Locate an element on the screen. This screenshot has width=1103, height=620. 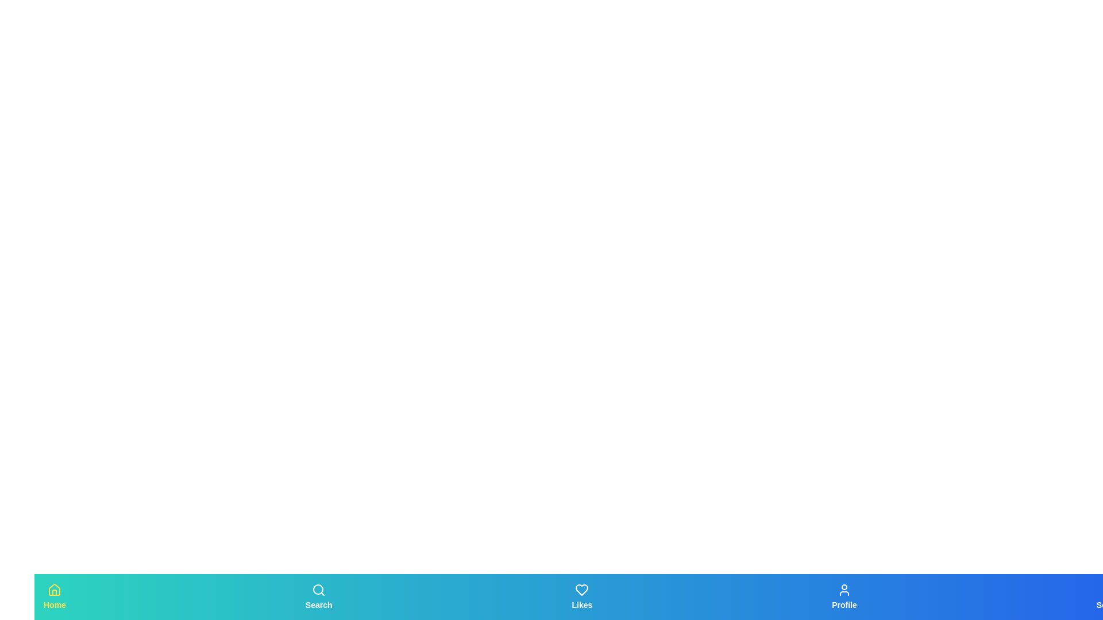
the tab labeled Home to observe the scaling effect is located at coordinates (54, 596).